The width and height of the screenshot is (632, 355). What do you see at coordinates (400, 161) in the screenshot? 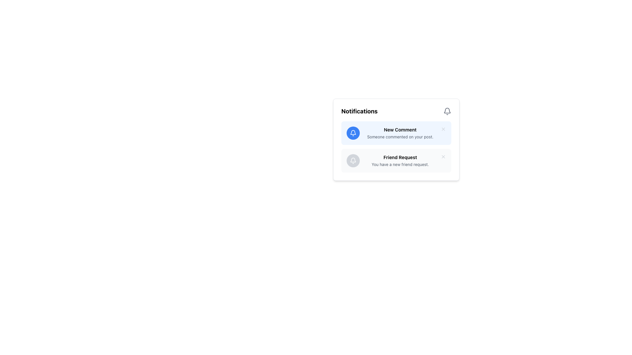
I see `the contextual controls of the second notification item titled 'Friend Request', which displays a bold title and a description about a new friend request` at bounding box center [400, 161].